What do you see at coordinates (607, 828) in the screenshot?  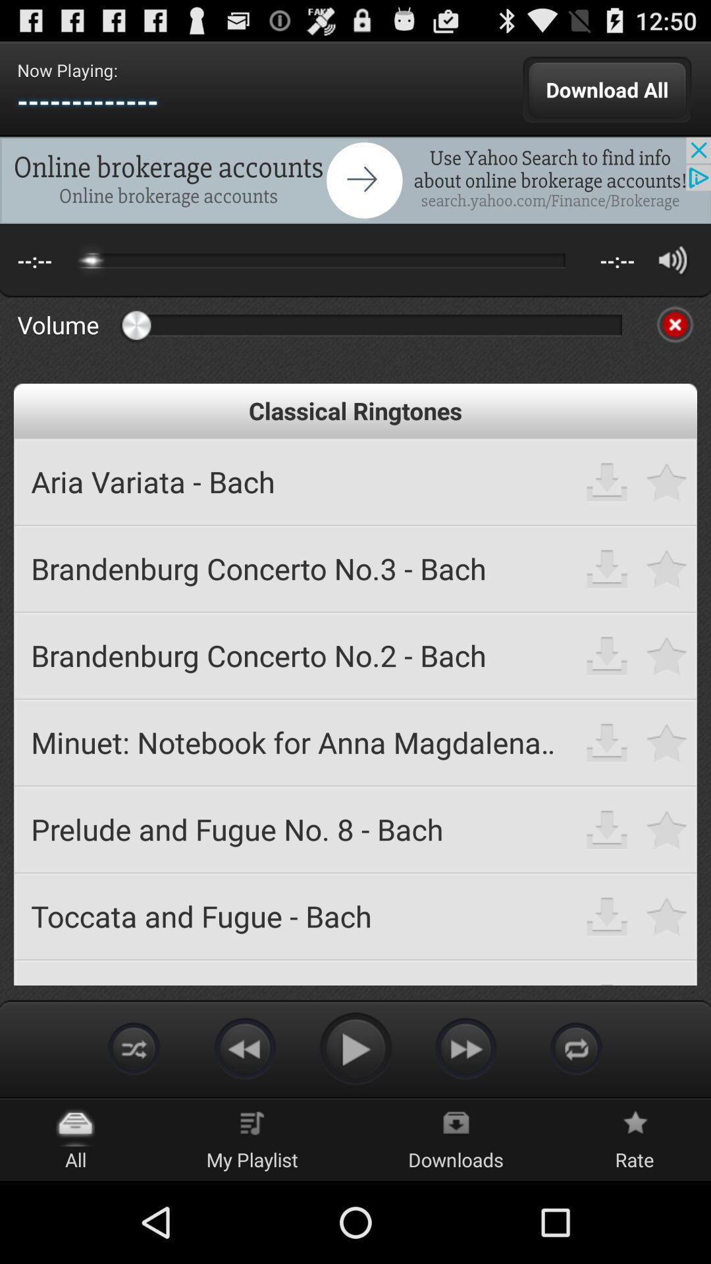 I see `download prelude and fugue` at bounding box center [607, 828].